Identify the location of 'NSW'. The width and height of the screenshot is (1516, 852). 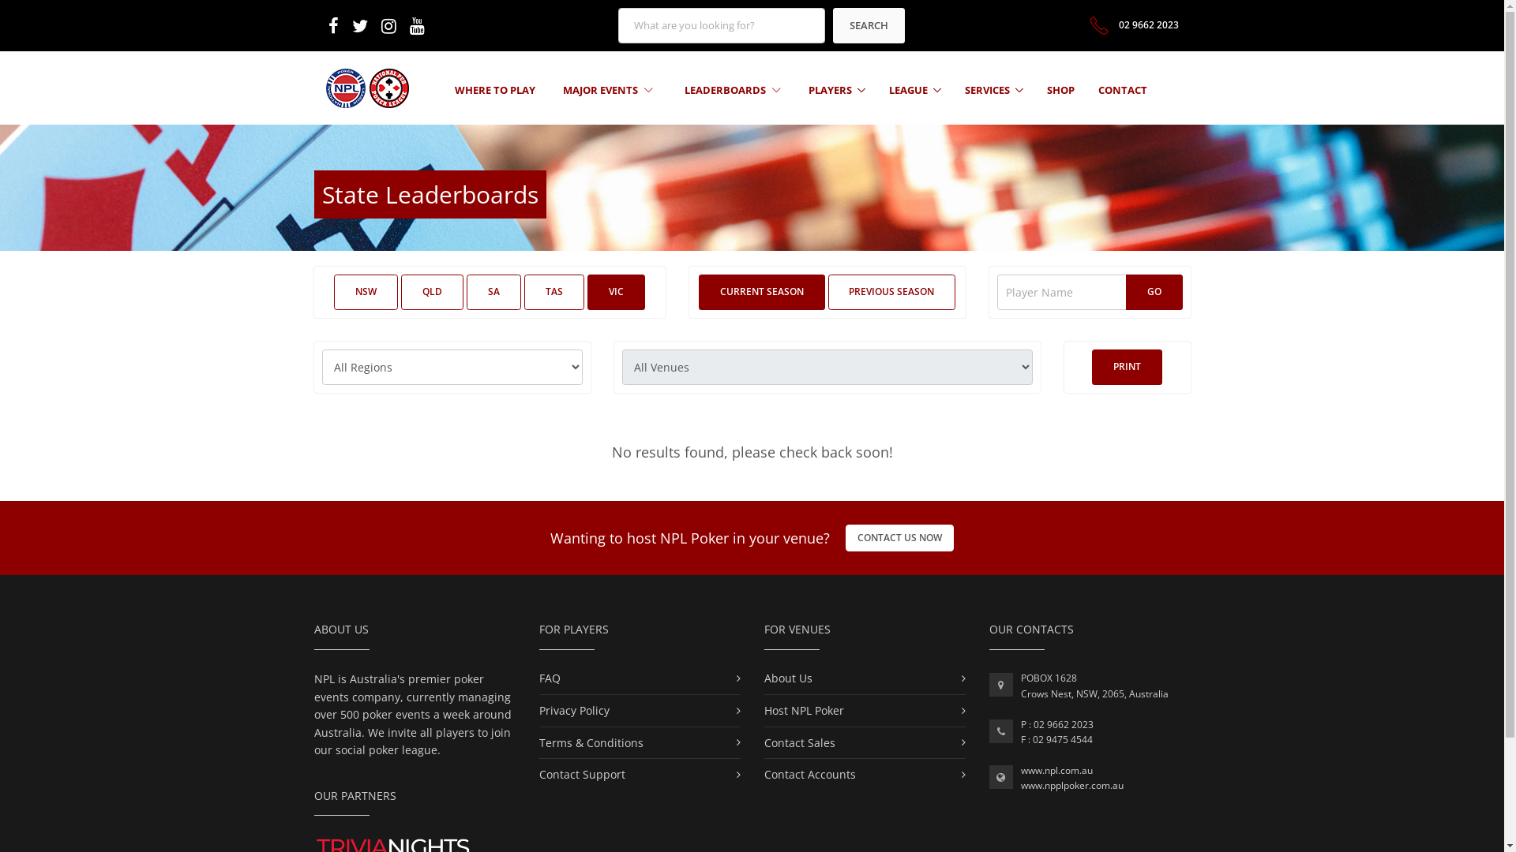
(332, 292).